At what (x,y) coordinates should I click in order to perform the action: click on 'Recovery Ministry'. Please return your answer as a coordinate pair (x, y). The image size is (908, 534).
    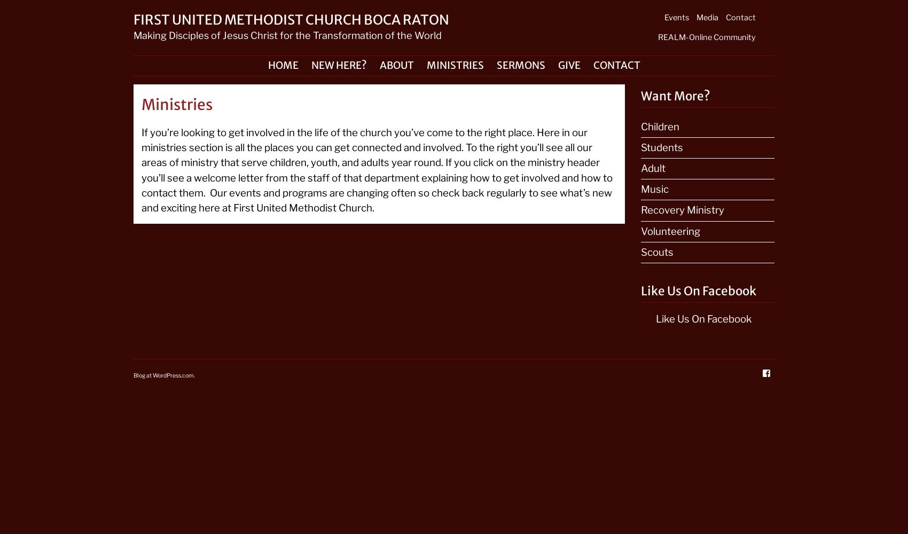
    Looking at the image, I should click on (640, 210).